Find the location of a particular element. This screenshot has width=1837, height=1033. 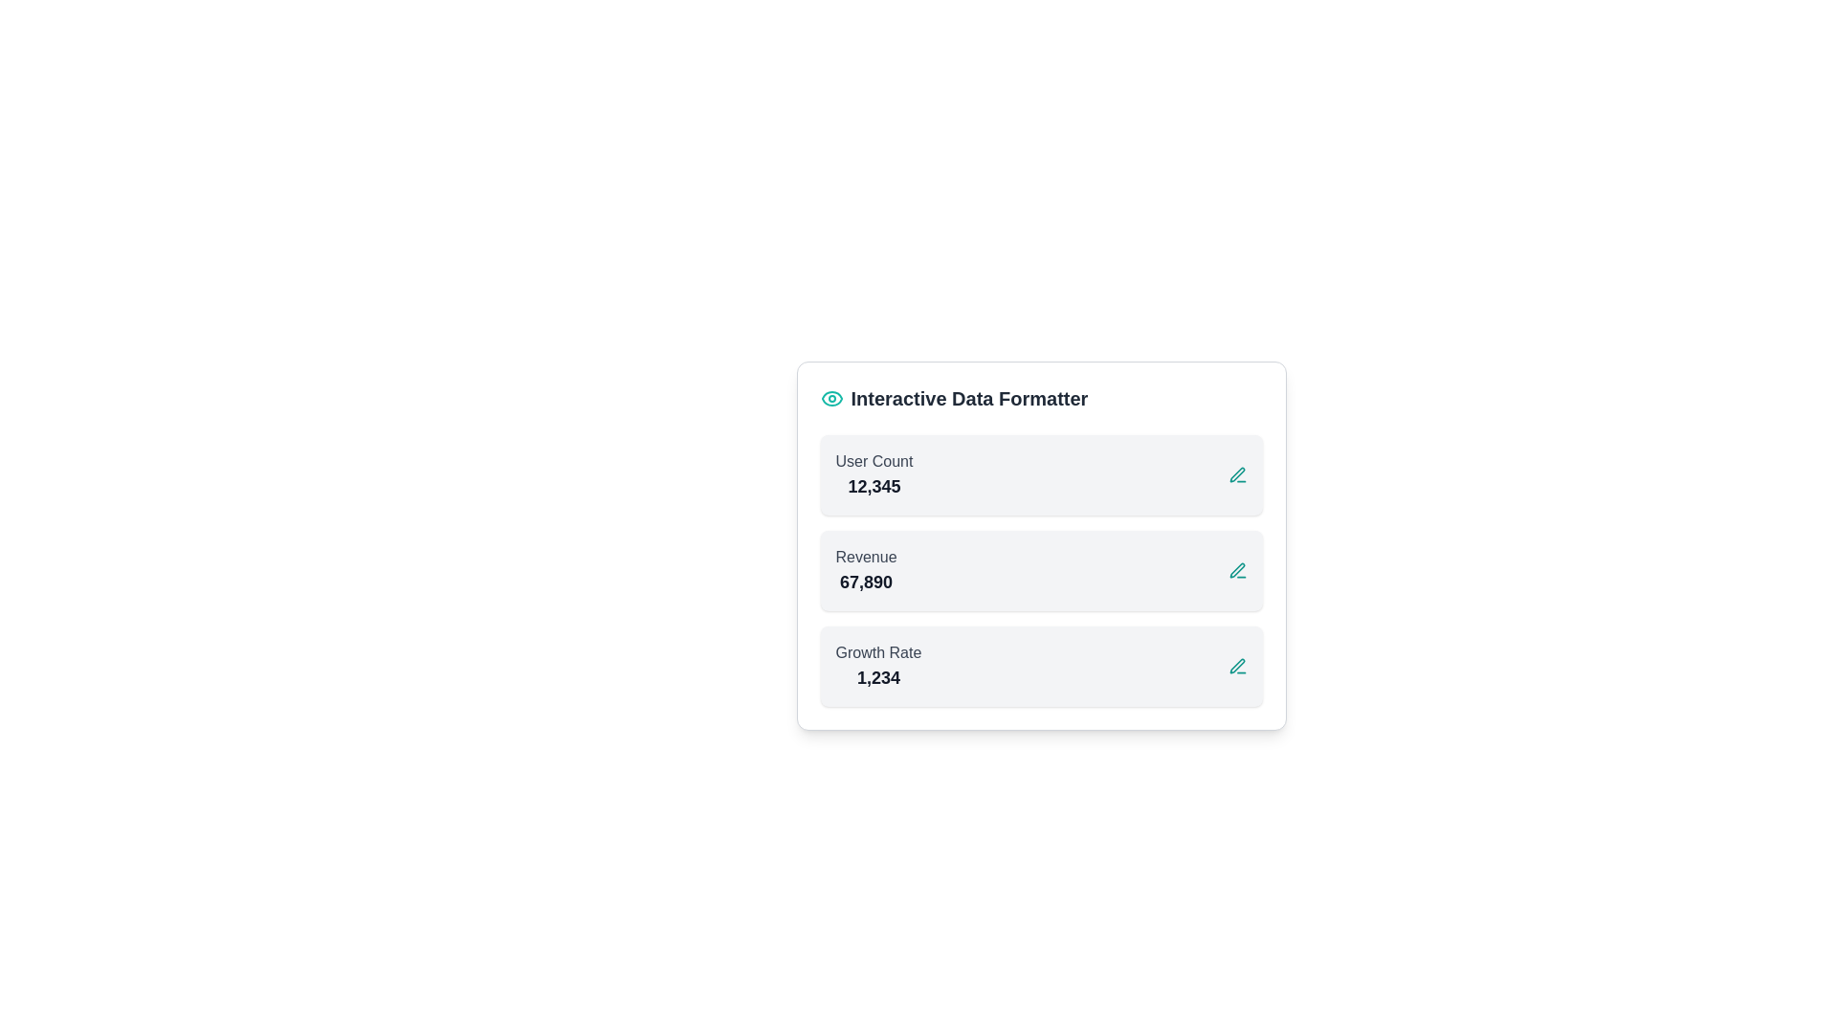

contents of the bold numerical text label '67,890', which is styled with a dark font and located beneath the 'Revenue' label is located at coordinates (865, 582).